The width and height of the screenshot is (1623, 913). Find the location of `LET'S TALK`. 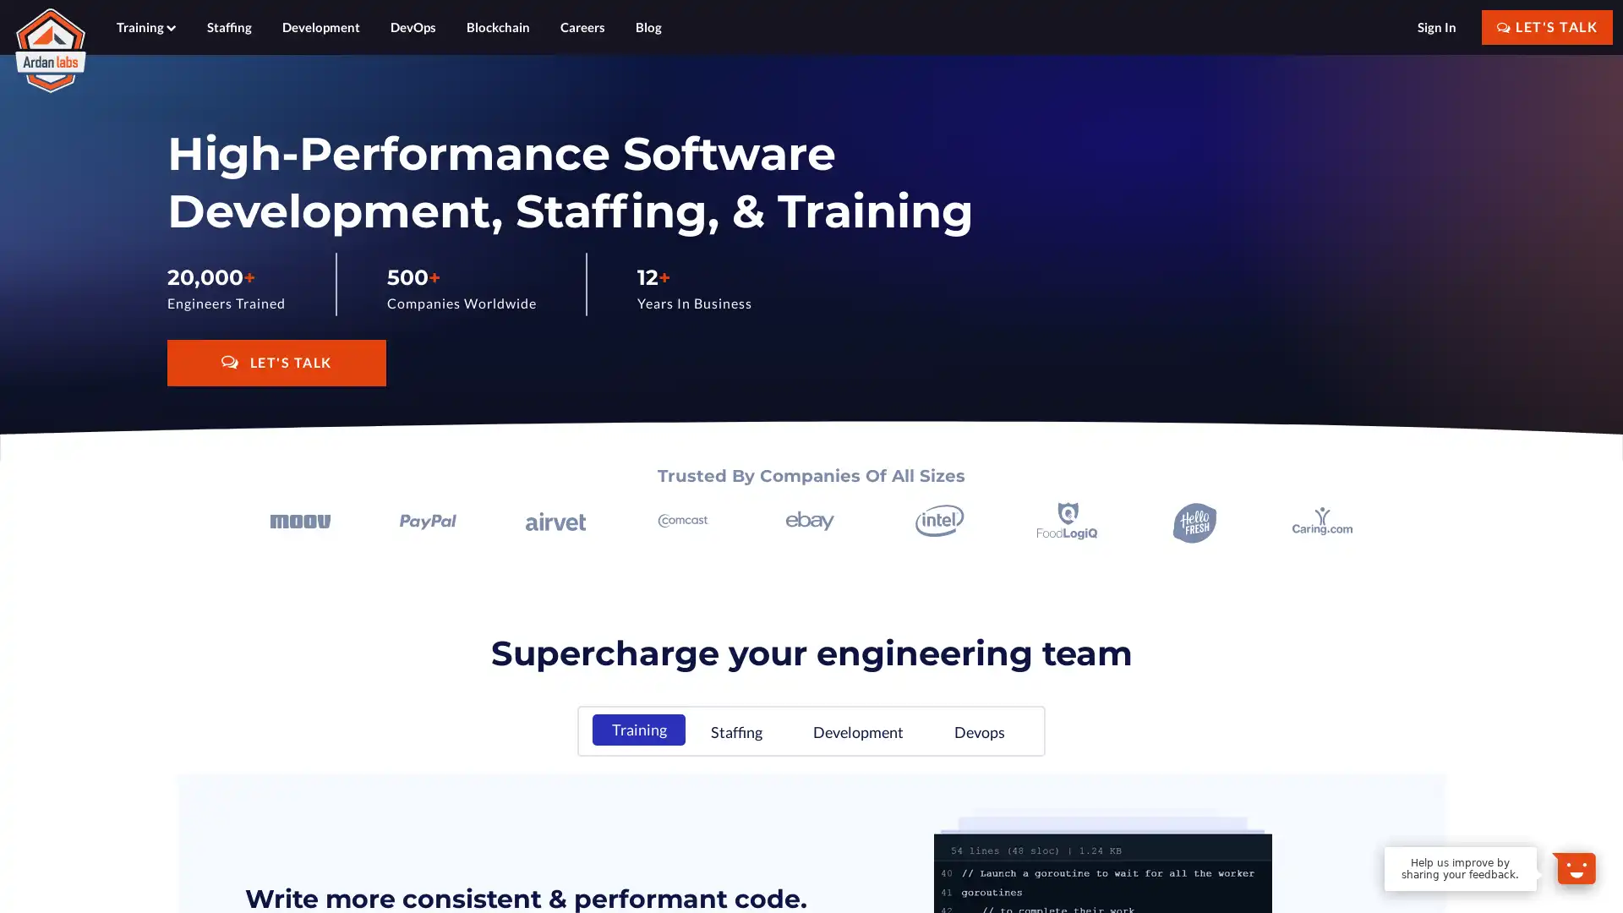

LET'S TALK is located at coordinates (1547, 27).